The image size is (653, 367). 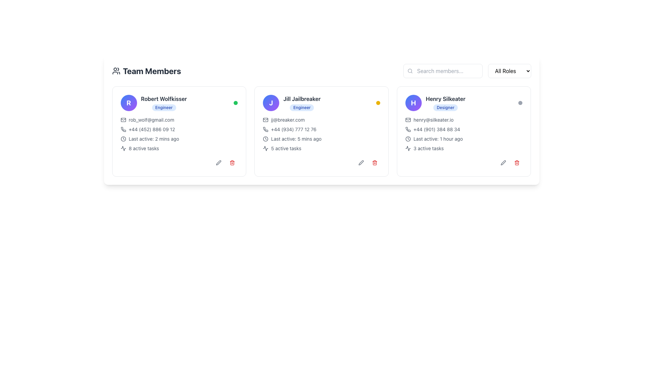 What do you see at coordinates (153, 138) in the screenshot?
I see `status from the text label displaying 'Last active: 2 mins ago' located in the first card under the heading 'Team Members', positioned below the user's name and email` at bounding box center [153, 138].